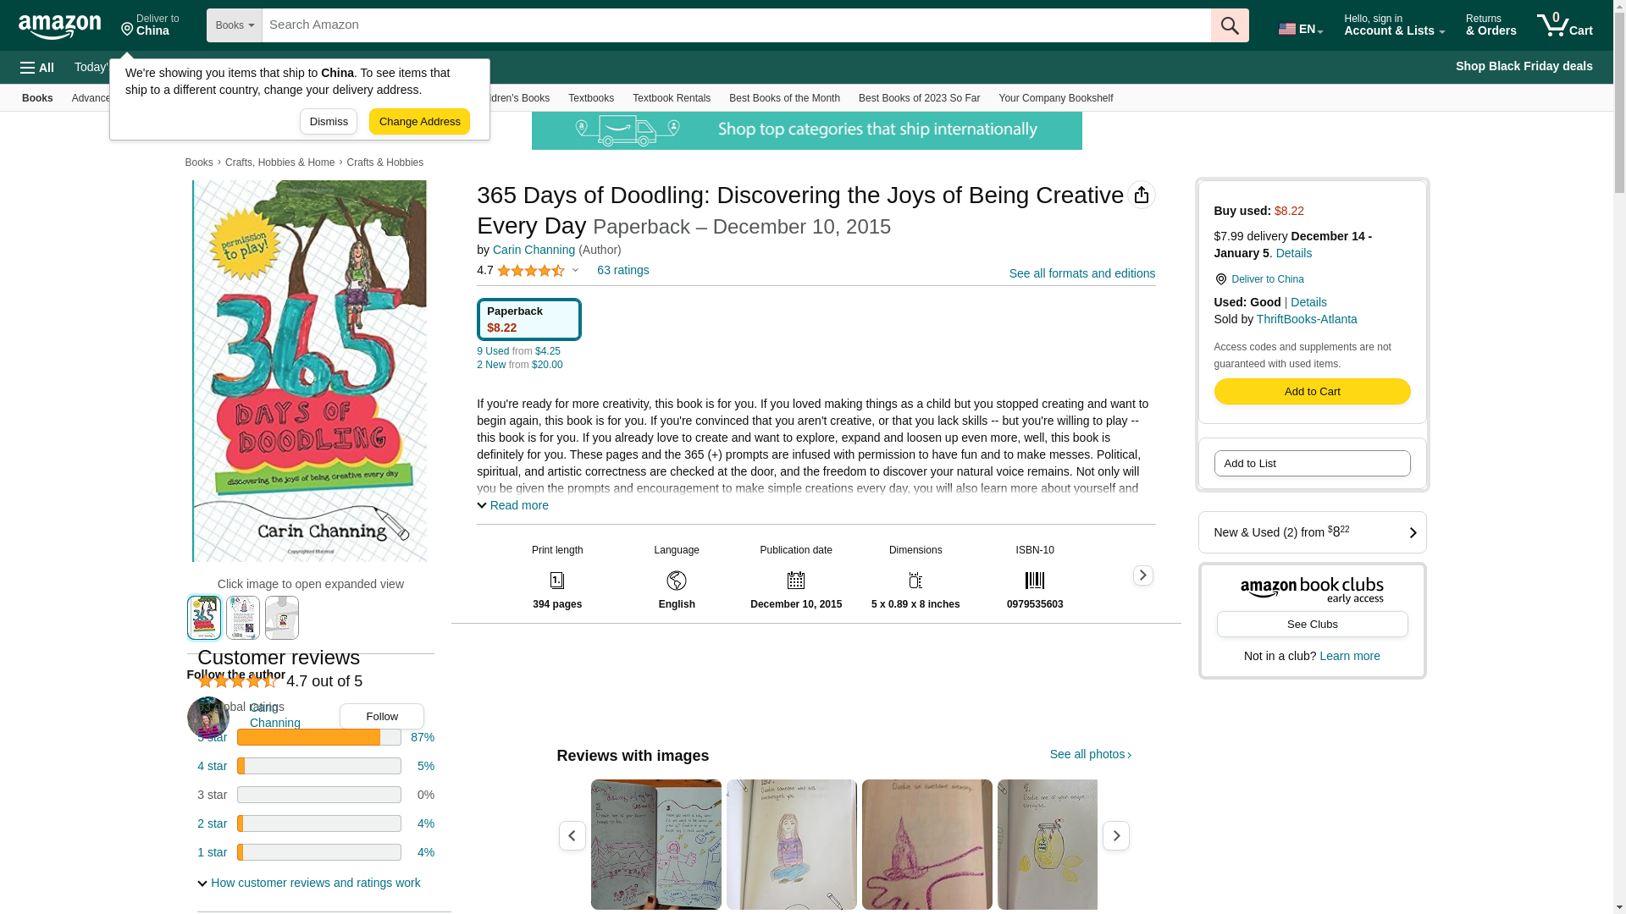 This screenshot has height=914, width=1626. What do you see at coordinates (1491, 25) in the screenshot?
I see `'Returns` at bounding box center [1491, 25].